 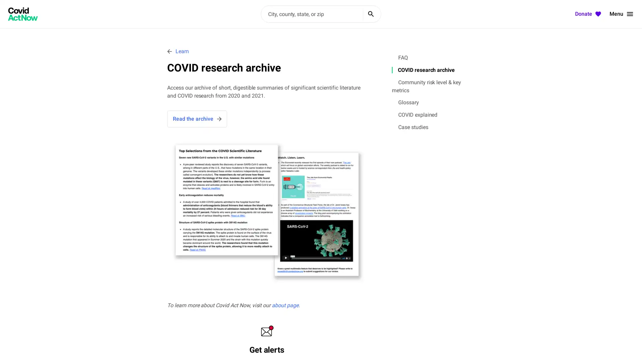 What do you see at coordinates (178, 51) in the screenshot?
I see `Learn` at bounding box center [178, 51].